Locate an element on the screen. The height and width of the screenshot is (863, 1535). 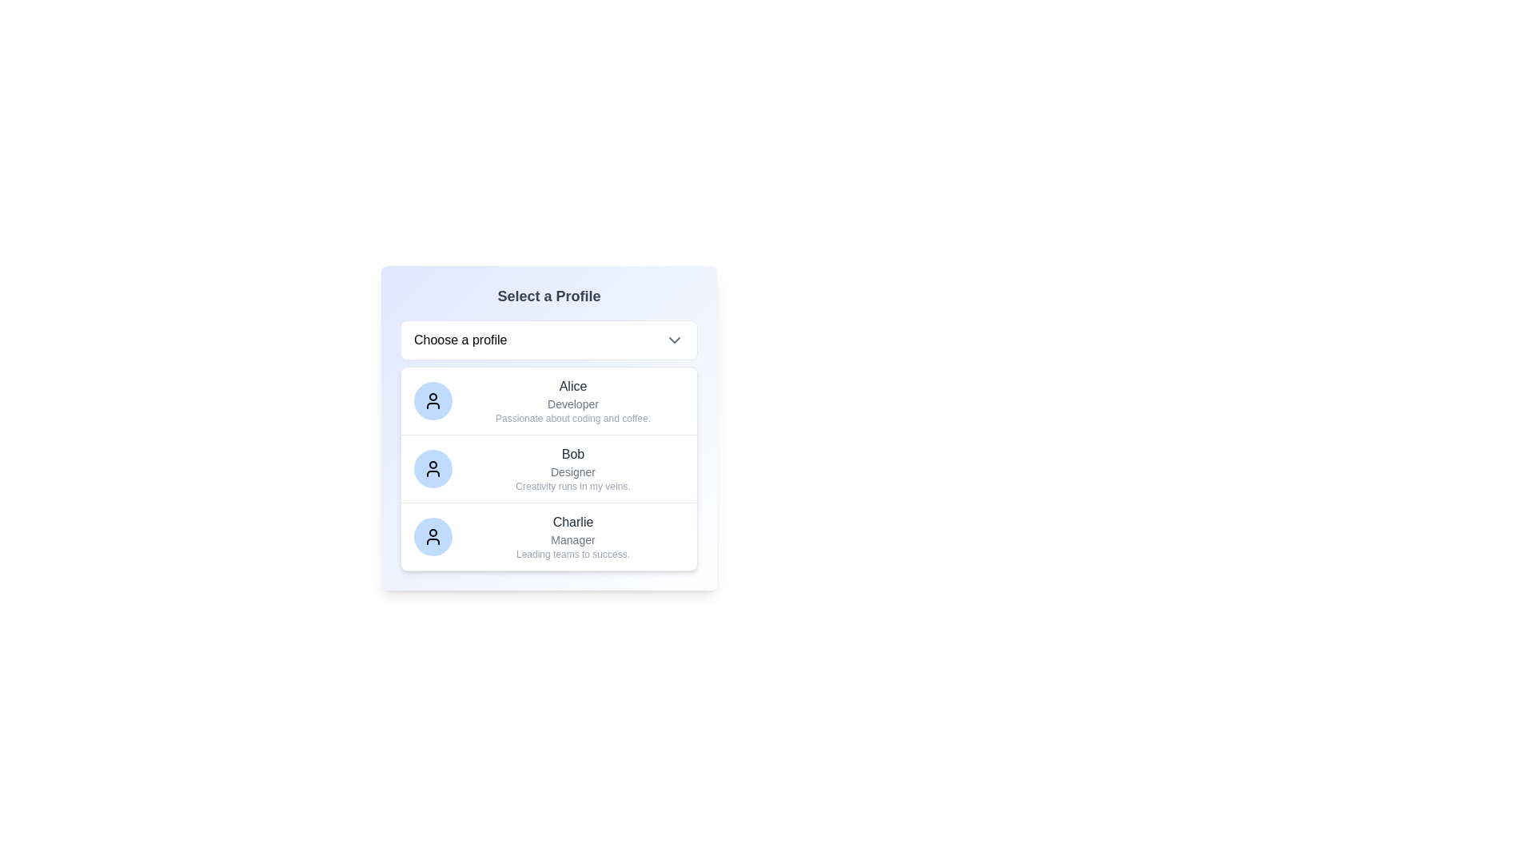
information presented in the text label that describes the 'Alice' profile, which is positioned below the 'Alice' name header and the 'Developer' label is located at coordinates (572, 418).